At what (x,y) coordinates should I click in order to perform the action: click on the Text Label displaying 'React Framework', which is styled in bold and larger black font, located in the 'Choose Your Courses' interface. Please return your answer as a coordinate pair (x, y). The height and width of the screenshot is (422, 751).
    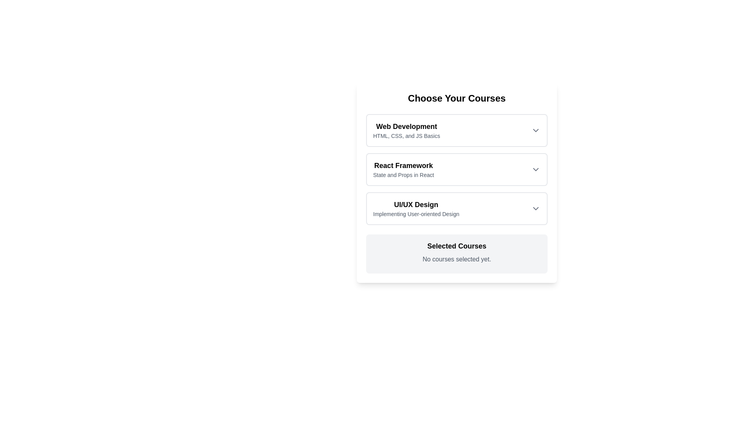
    Looking at the image, I should click on (403, 165).